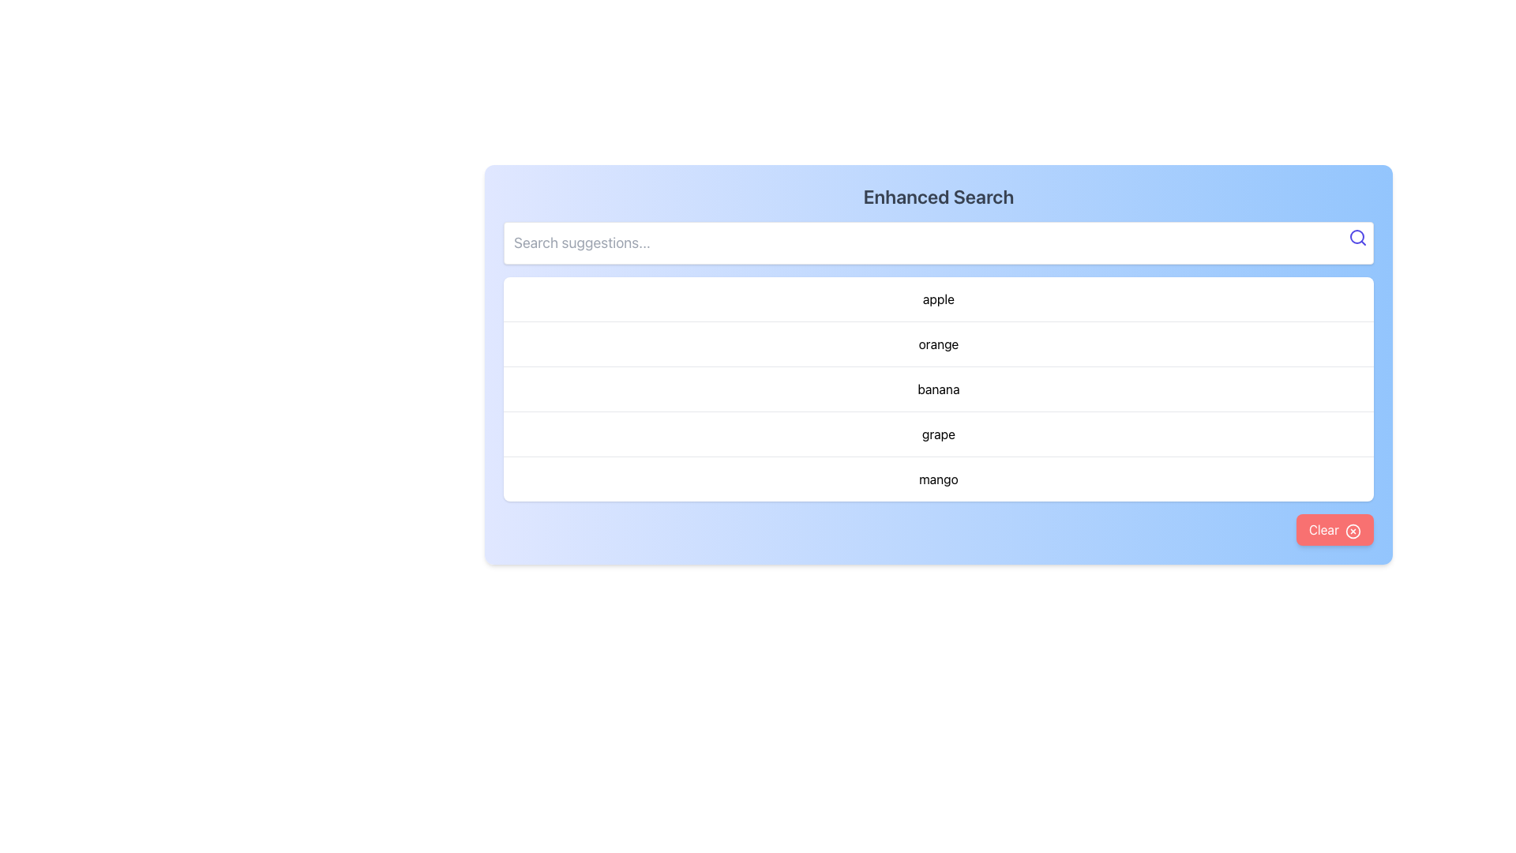  I want to click on the last selectable list item related to 'mango' located at the bottom of the vertical list of options, so click(939, 478).